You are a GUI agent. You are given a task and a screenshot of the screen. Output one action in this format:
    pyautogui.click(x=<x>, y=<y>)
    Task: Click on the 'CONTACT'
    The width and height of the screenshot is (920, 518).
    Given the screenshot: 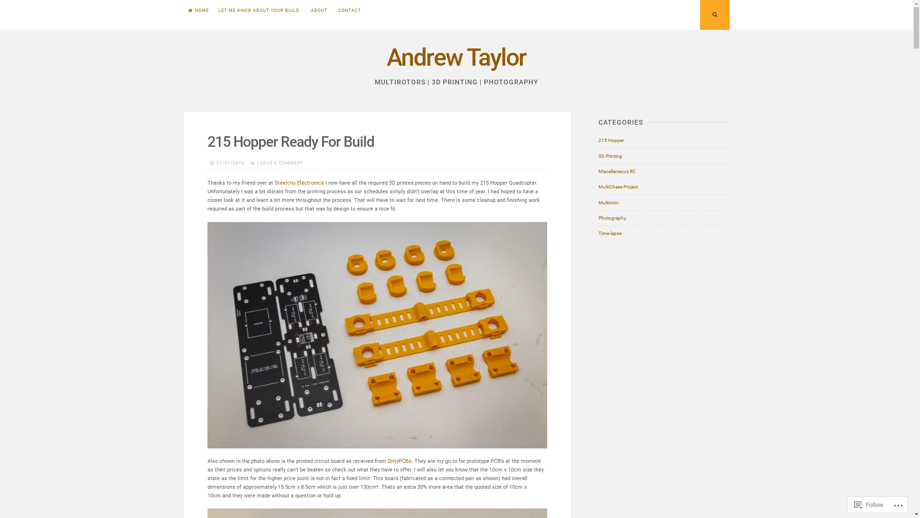 What is the action you would take?
    pyautogui.click(x=349, y=11)
    